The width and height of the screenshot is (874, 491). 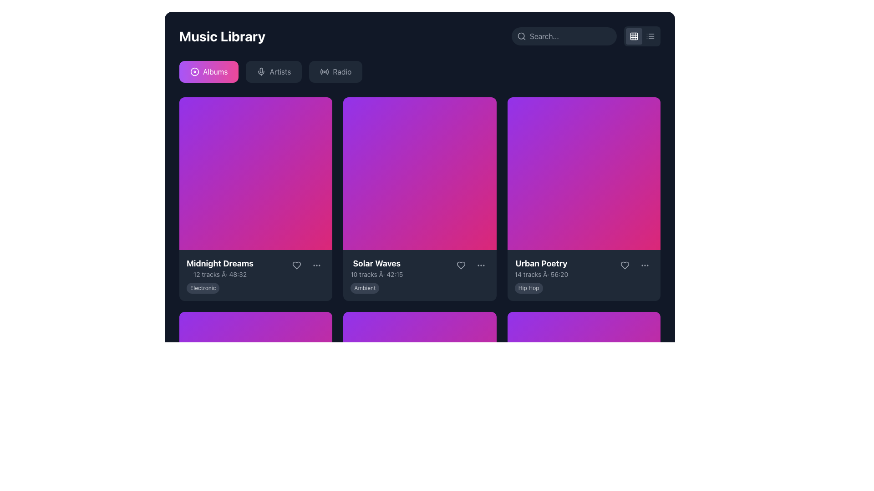 I want to click on the button in the top-right corner of the music library interface, so click(x=633, y=36).